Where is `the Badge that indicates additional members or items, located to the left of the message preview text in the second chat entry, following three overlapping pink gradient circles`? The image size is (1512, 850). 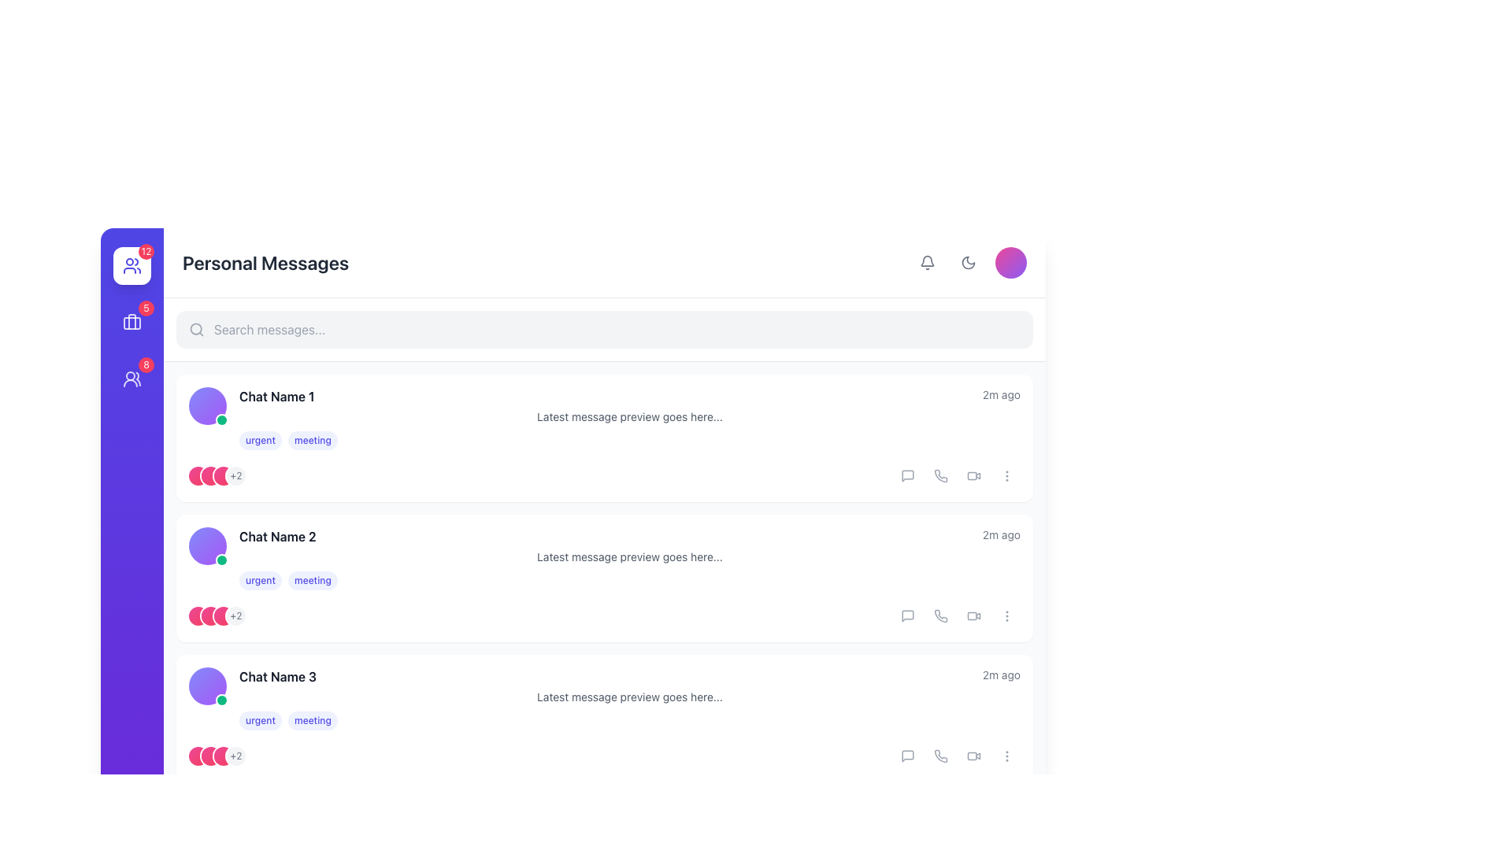 the Badge that indicates additional members or items, located to the left of the message preview text in the second chat entry, following three overlapping pink gradient circles is located at coordinates (216, 615).